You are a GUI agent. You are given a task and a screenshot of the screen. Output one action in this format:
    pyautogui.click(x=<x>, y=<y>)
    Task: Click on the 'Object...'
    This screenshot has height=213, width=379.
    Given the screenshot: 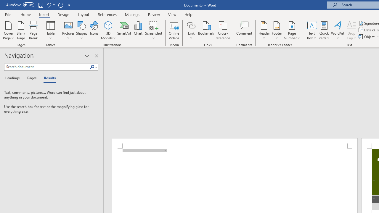 What is the action you would take?
    pyautogui.click(x=367, y=37)
    